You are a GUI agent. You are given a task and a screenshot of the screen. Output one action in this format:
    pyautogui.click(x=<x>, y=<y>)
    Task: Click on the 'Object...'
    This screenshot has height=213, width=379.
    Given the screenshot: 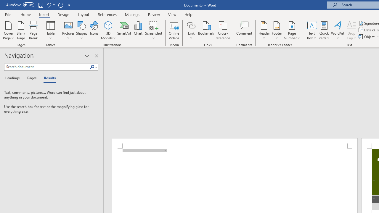 What is the action you would take?
    pyautogui.click(x=367, y=37)
    